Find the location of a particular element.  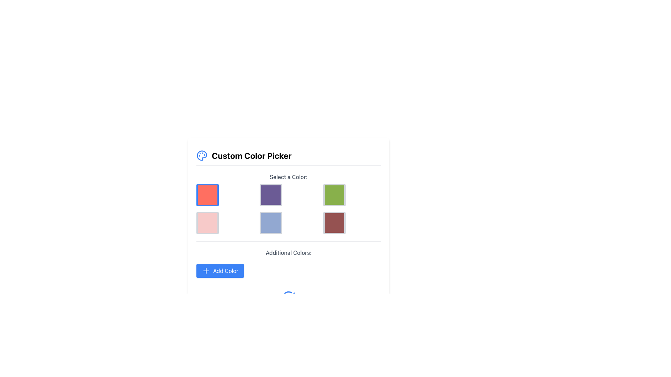

the circular icon with a blue outline and colorful spots located next to the 'Custom Color Picker' header is located at coordinates (201, 155).